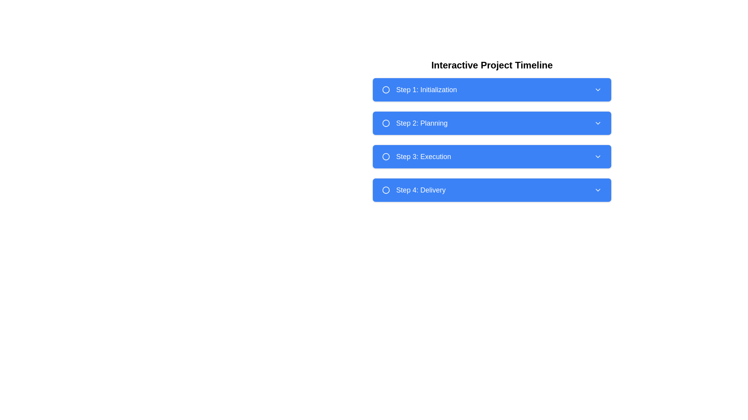  I want to click on the state of the graphical circle element within the 'Step 3: Execution' section, which is part of an SVG icon and signifies selection or status, while it is non-interactive, so click(386, 156).